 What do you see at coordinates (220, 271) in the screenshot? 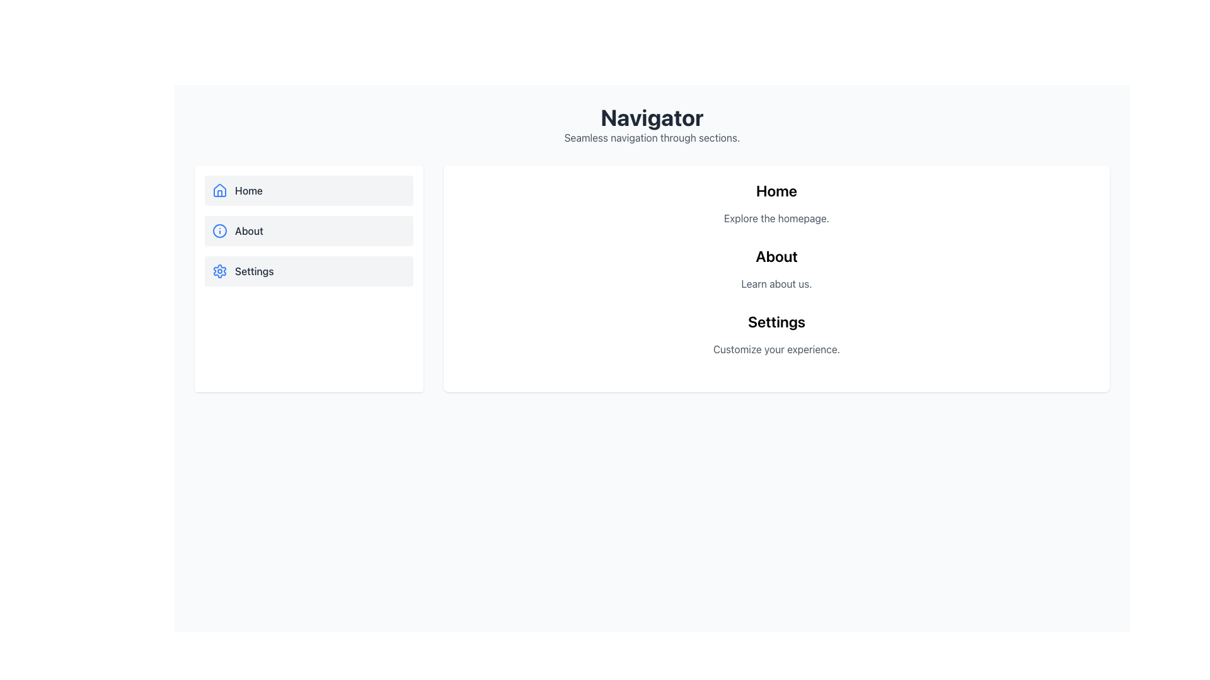
I see `the 'Settings' icon located in the vertical navigation menu on the left side of the interface` at bounding box center [220, 271].